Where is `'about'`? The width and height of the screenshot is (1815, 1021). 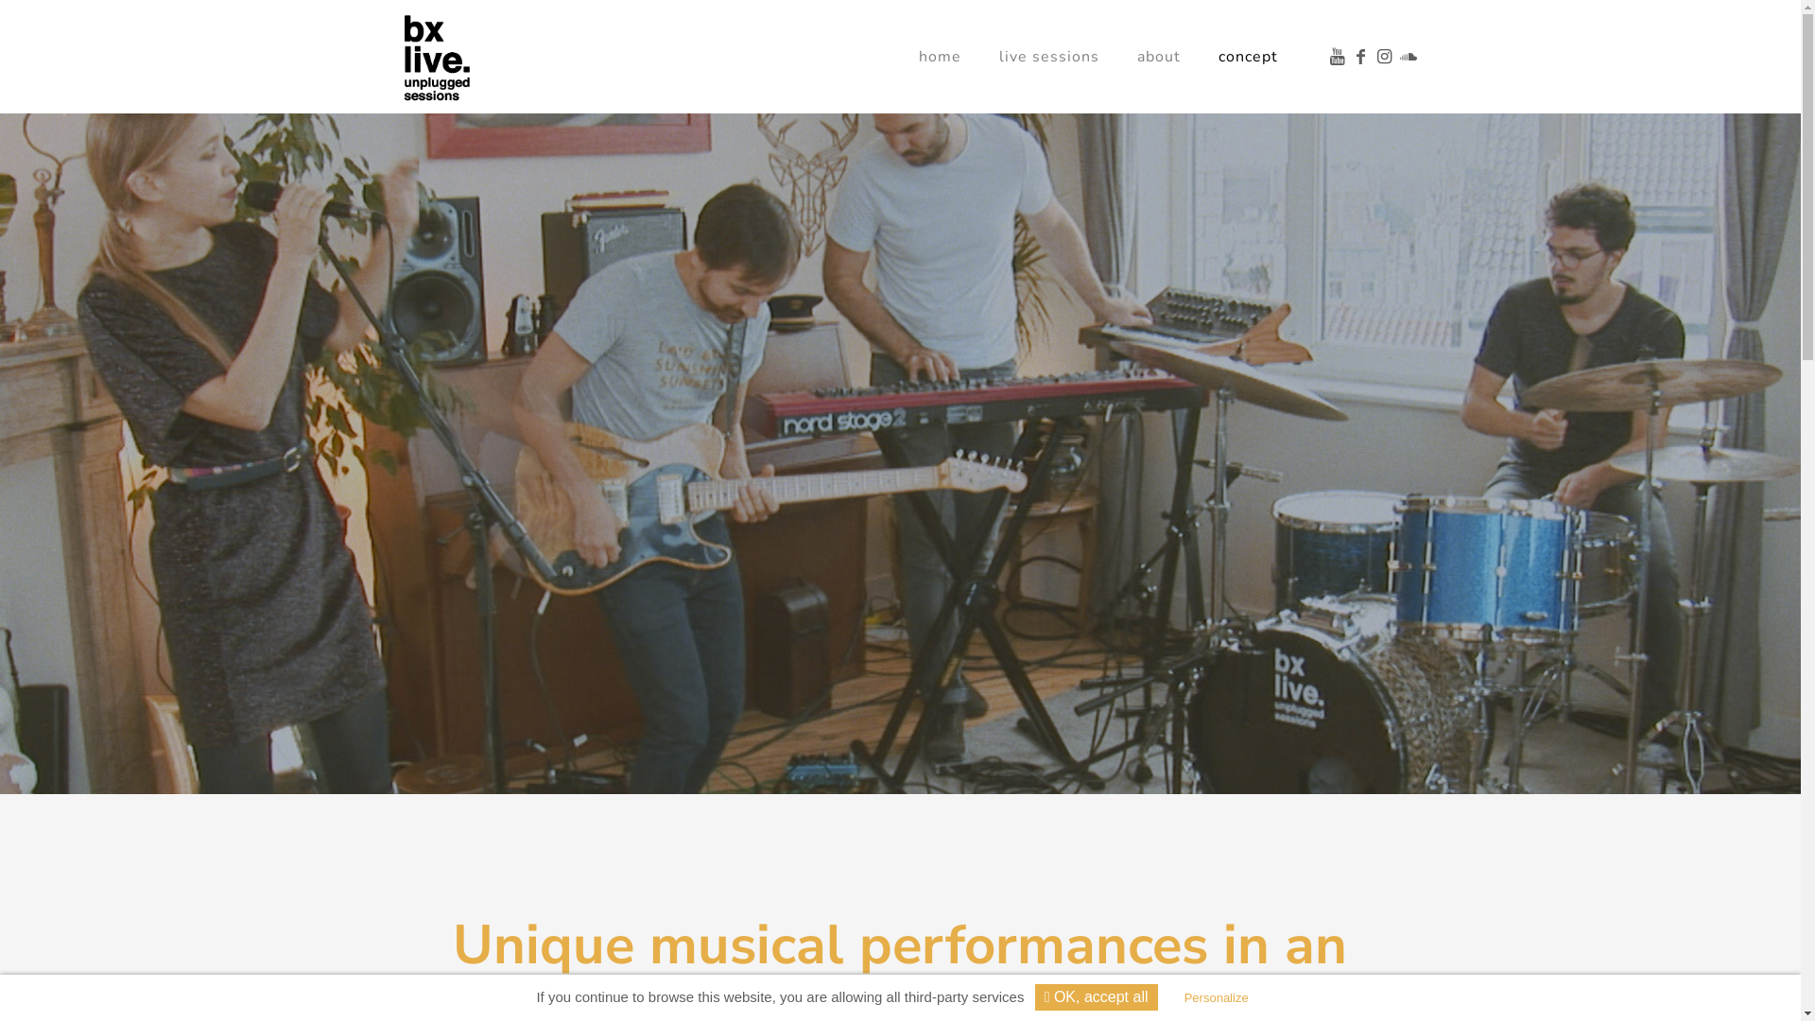
'about' is located at coordinates (1157, 56).